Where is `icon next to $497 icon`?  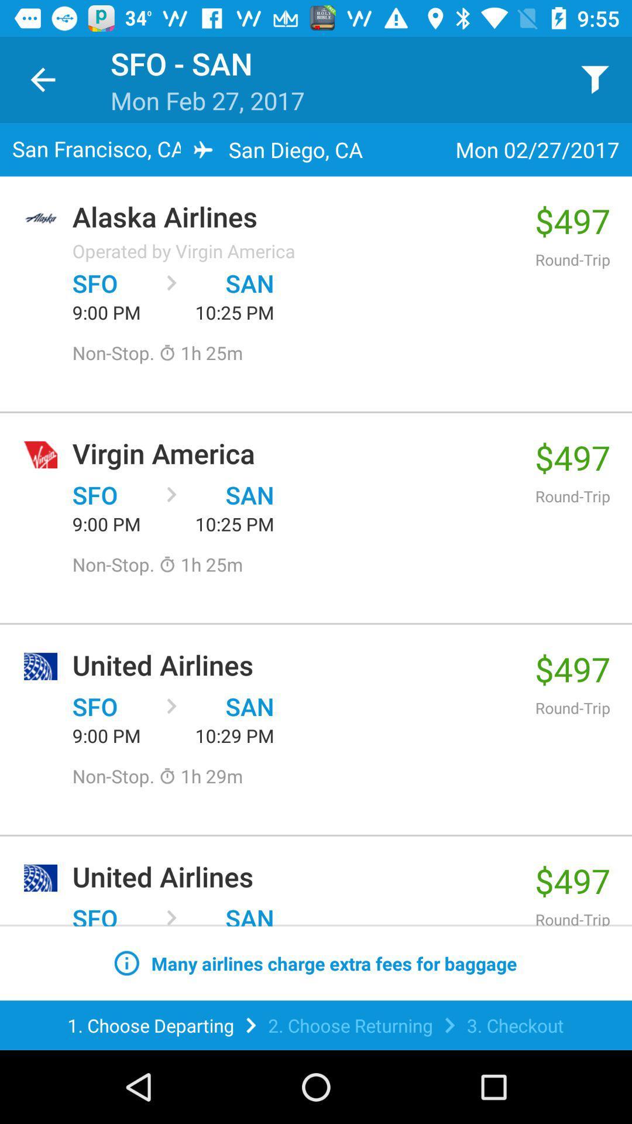 icon next to $497 icon is located at coordinates (184, 250).